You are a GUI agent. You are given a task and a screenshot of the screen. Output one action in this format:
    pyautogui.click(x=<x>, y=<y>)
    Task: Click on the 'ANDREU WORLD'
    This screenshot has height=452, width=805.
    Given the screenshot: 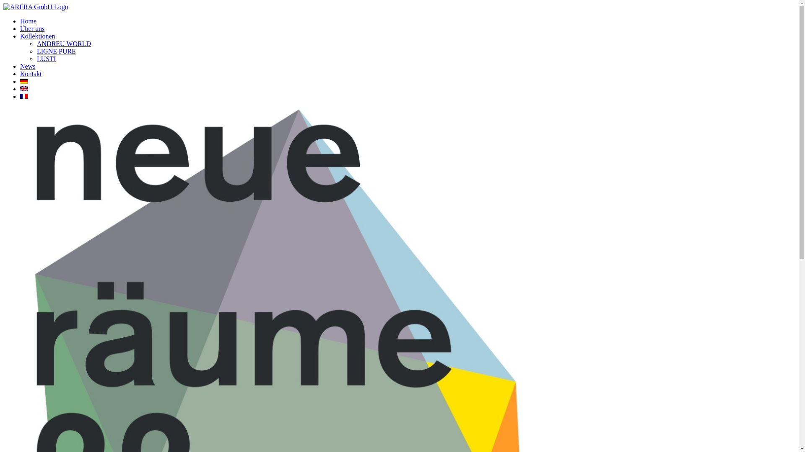 What is the action you would take?
    pyautogui.click(x=63, y=44)
    